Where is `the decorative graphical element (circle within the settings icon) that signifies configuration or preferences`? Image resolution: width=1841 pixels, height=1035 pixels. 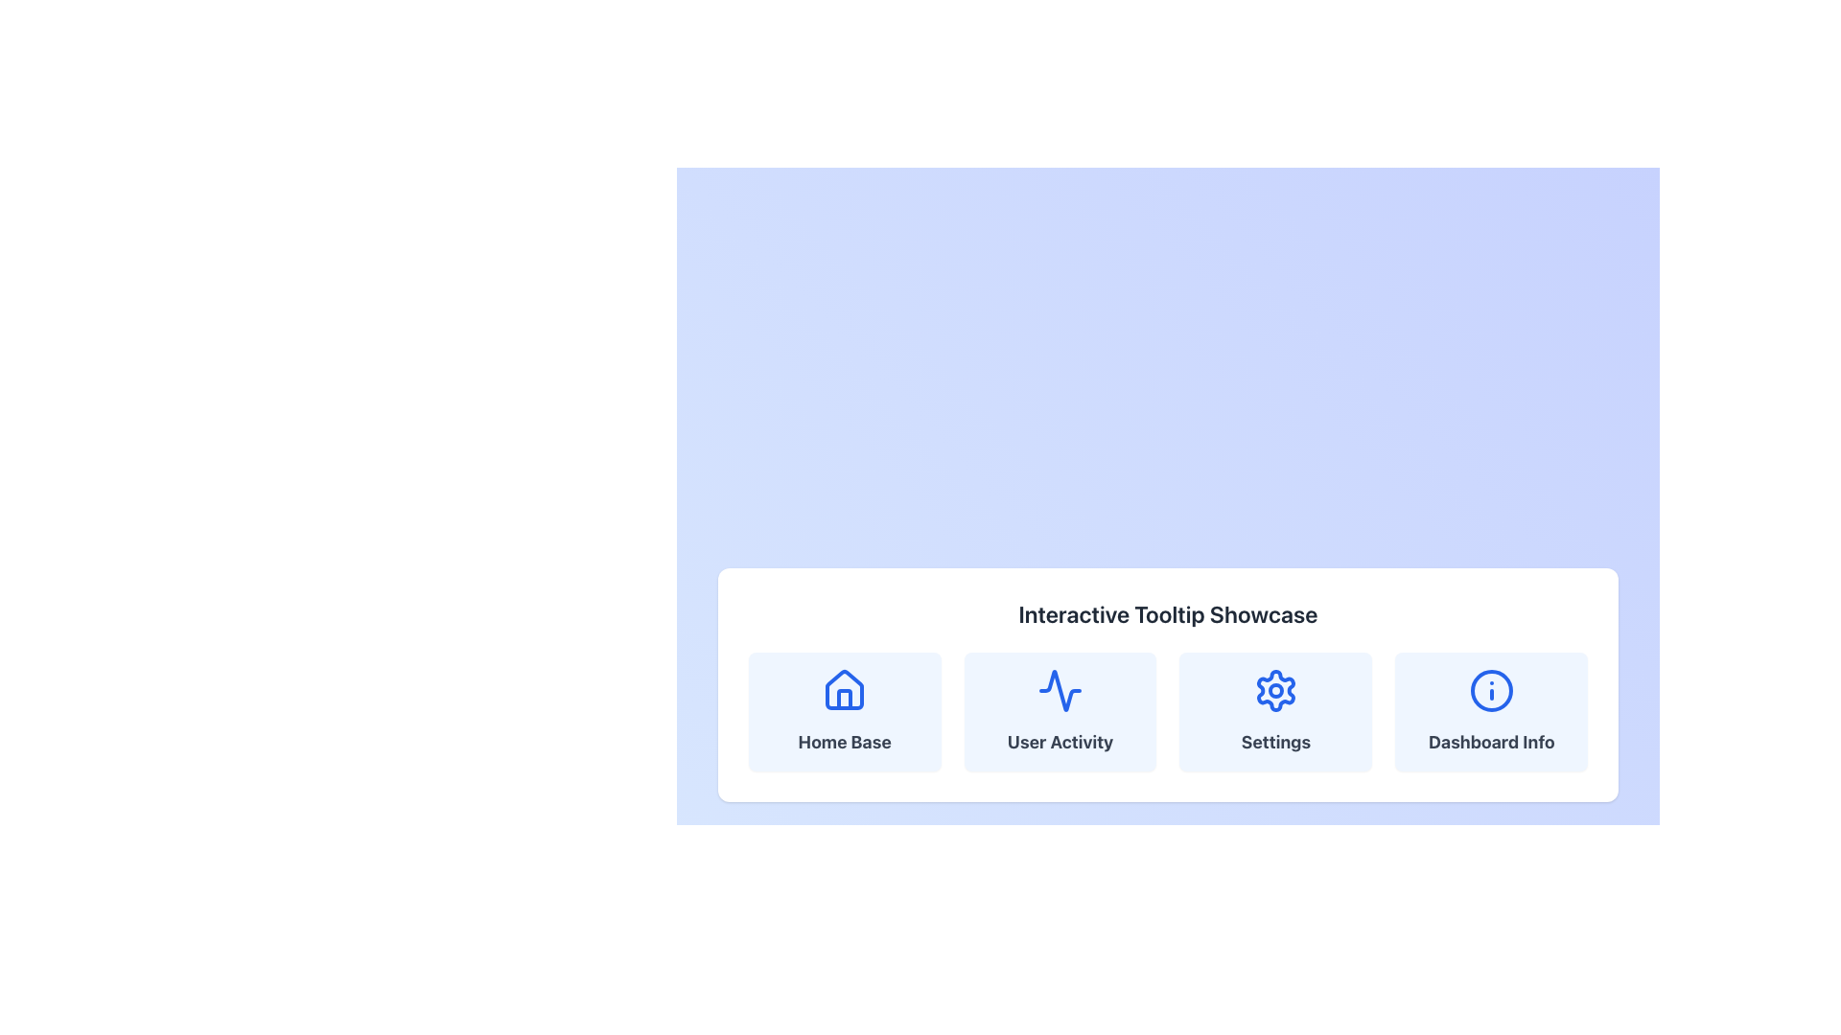 the decorative graphical element (circle within the settings icon) that signifies configuration or preferences is located at coordinates (1275, 691).